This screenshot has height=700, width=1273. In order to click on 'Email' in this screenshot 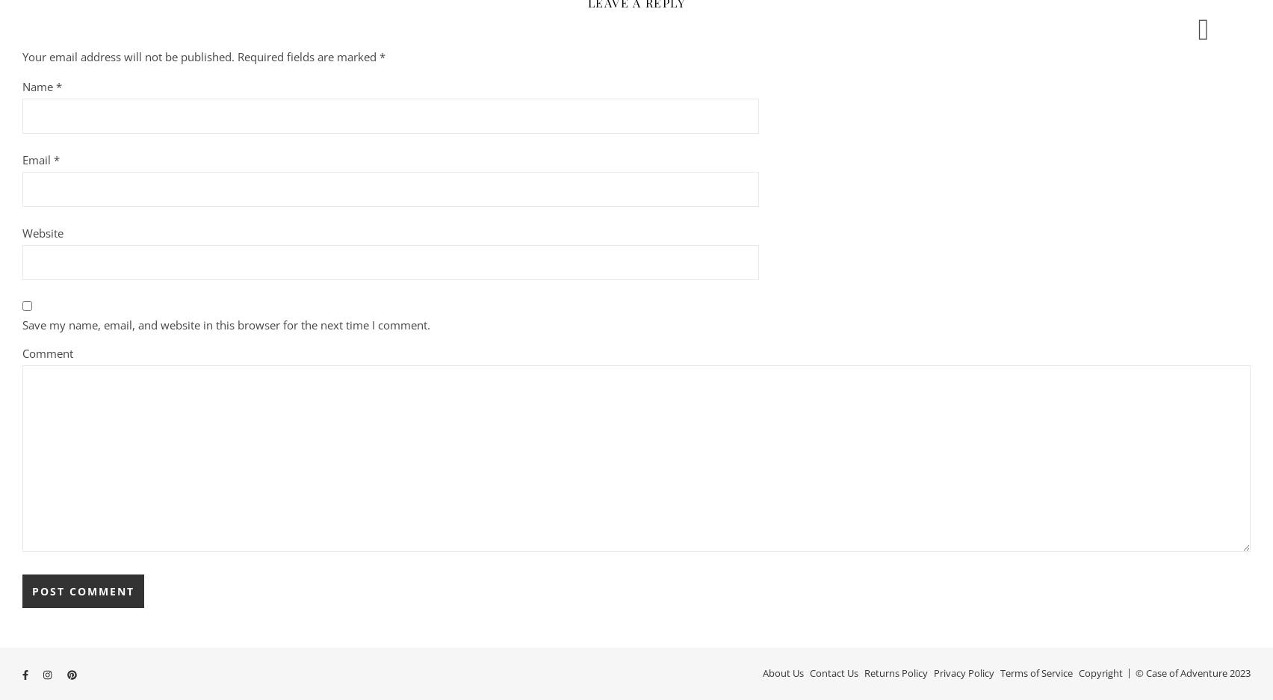, I will do `click(37, 160)`.